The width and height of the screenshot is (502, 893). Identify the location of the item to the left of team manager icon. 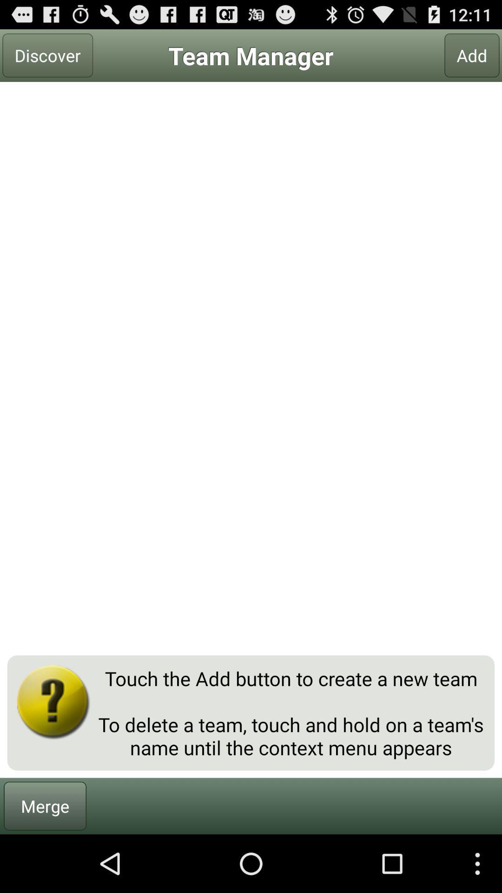
(47, 55).